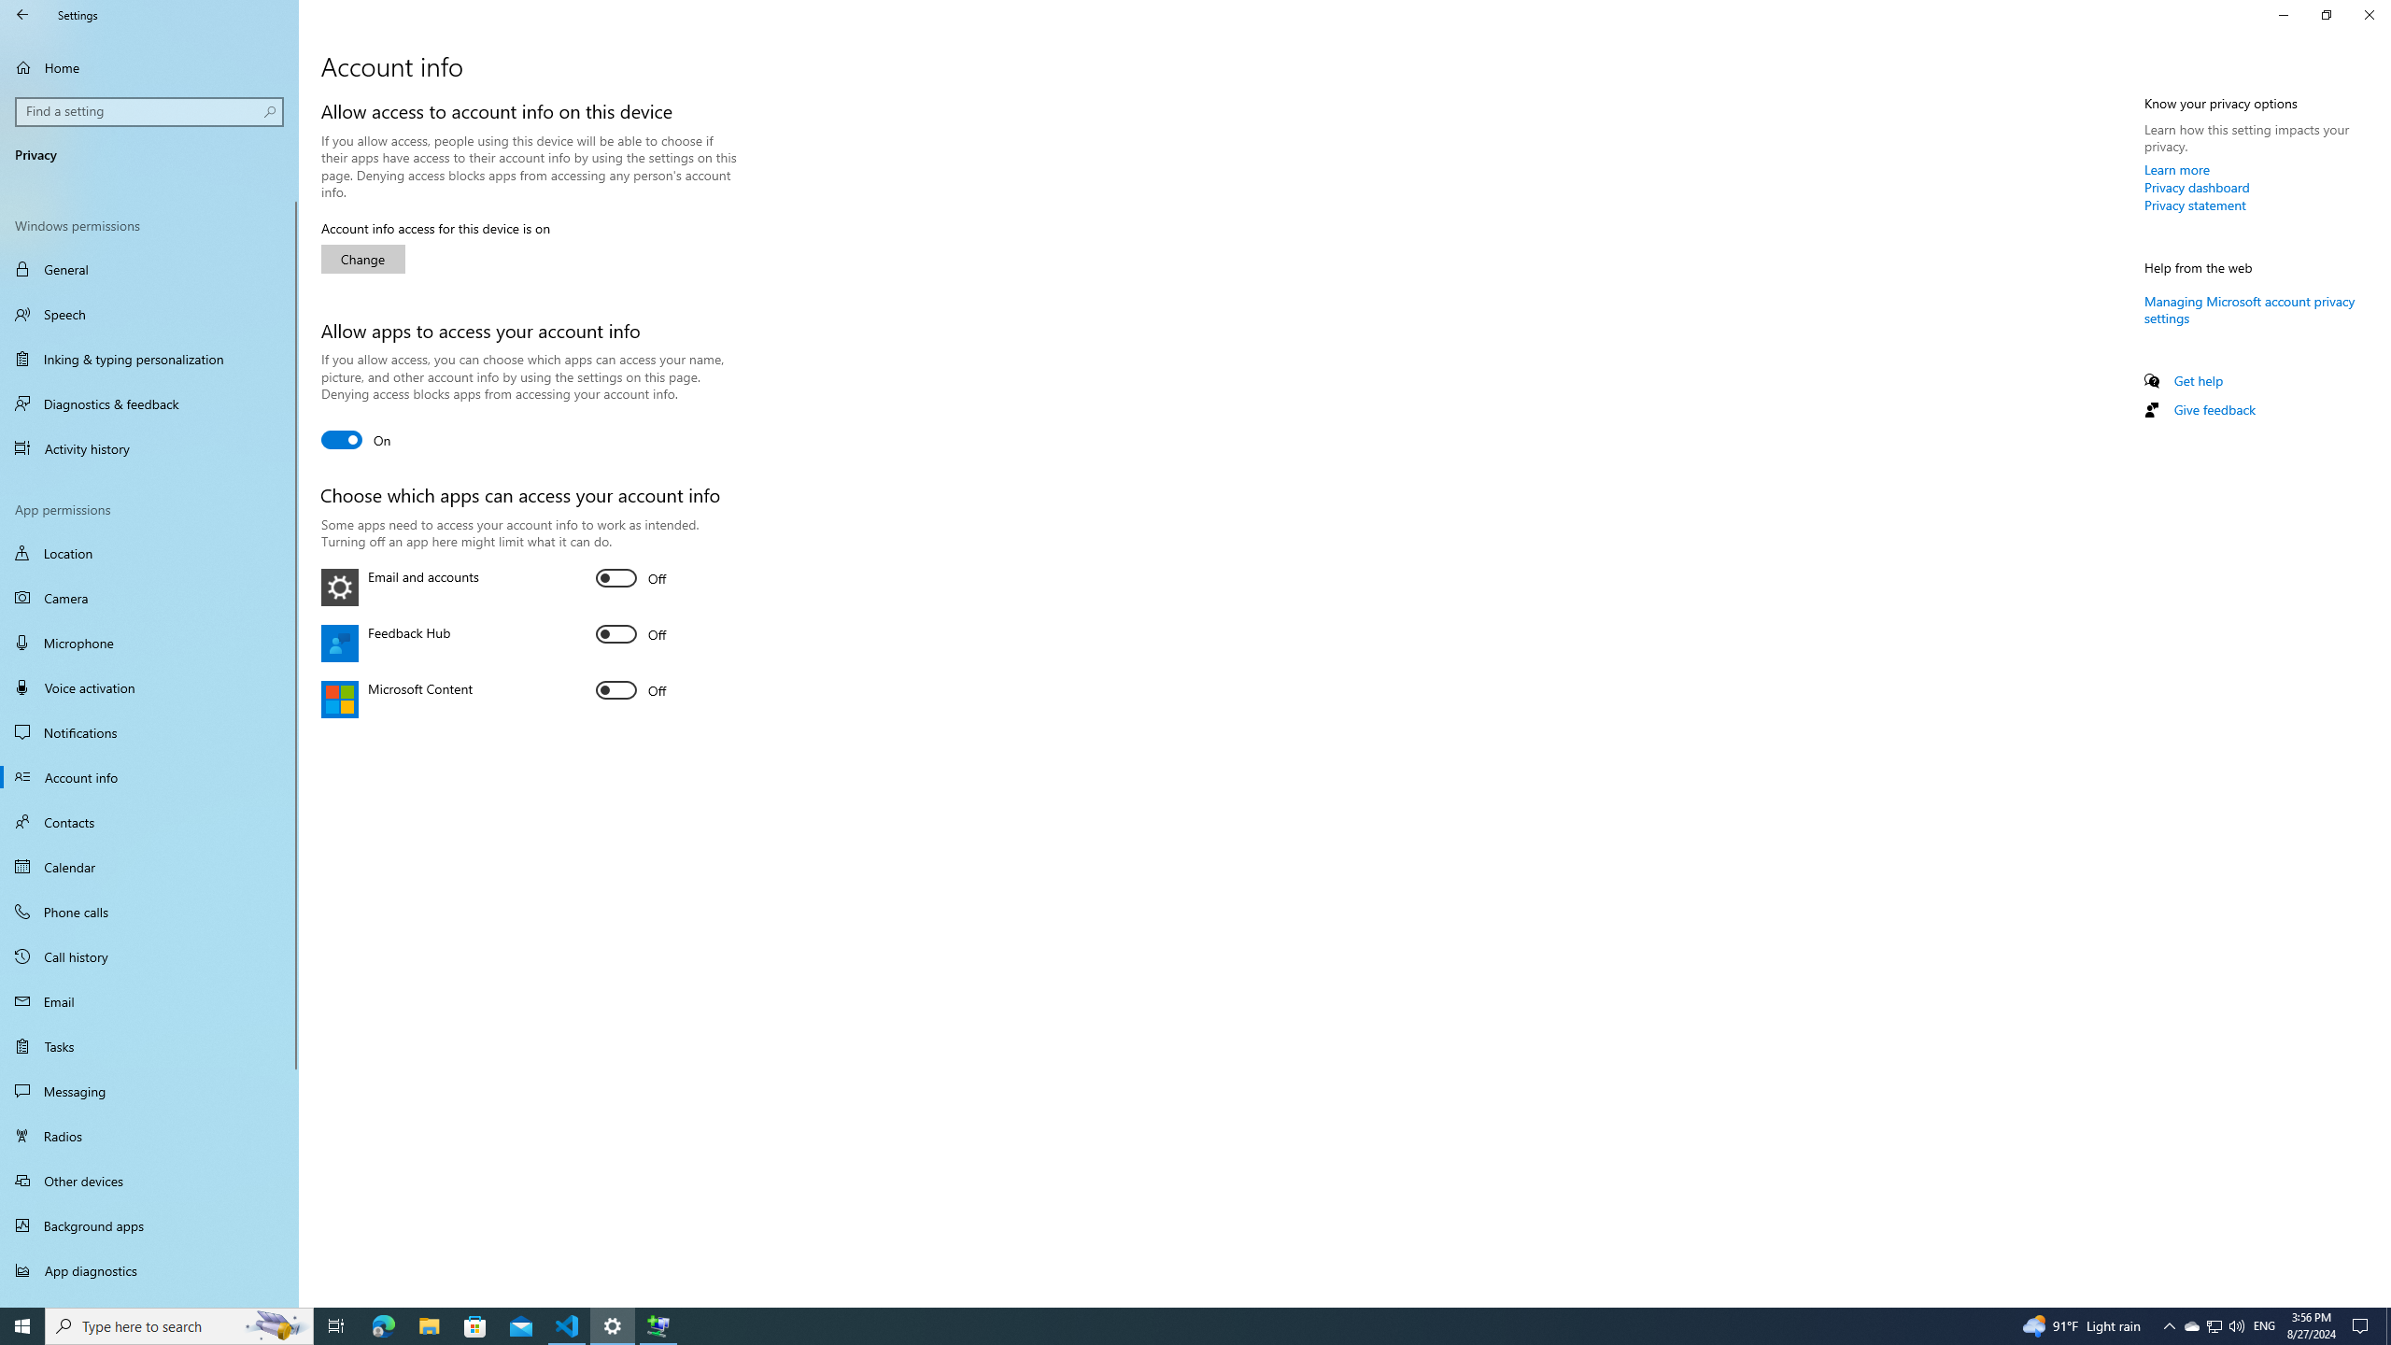  Describe the element at coordinates (149, 357) in the screenshot. I see `'Inking & typing personalization'` at that location.